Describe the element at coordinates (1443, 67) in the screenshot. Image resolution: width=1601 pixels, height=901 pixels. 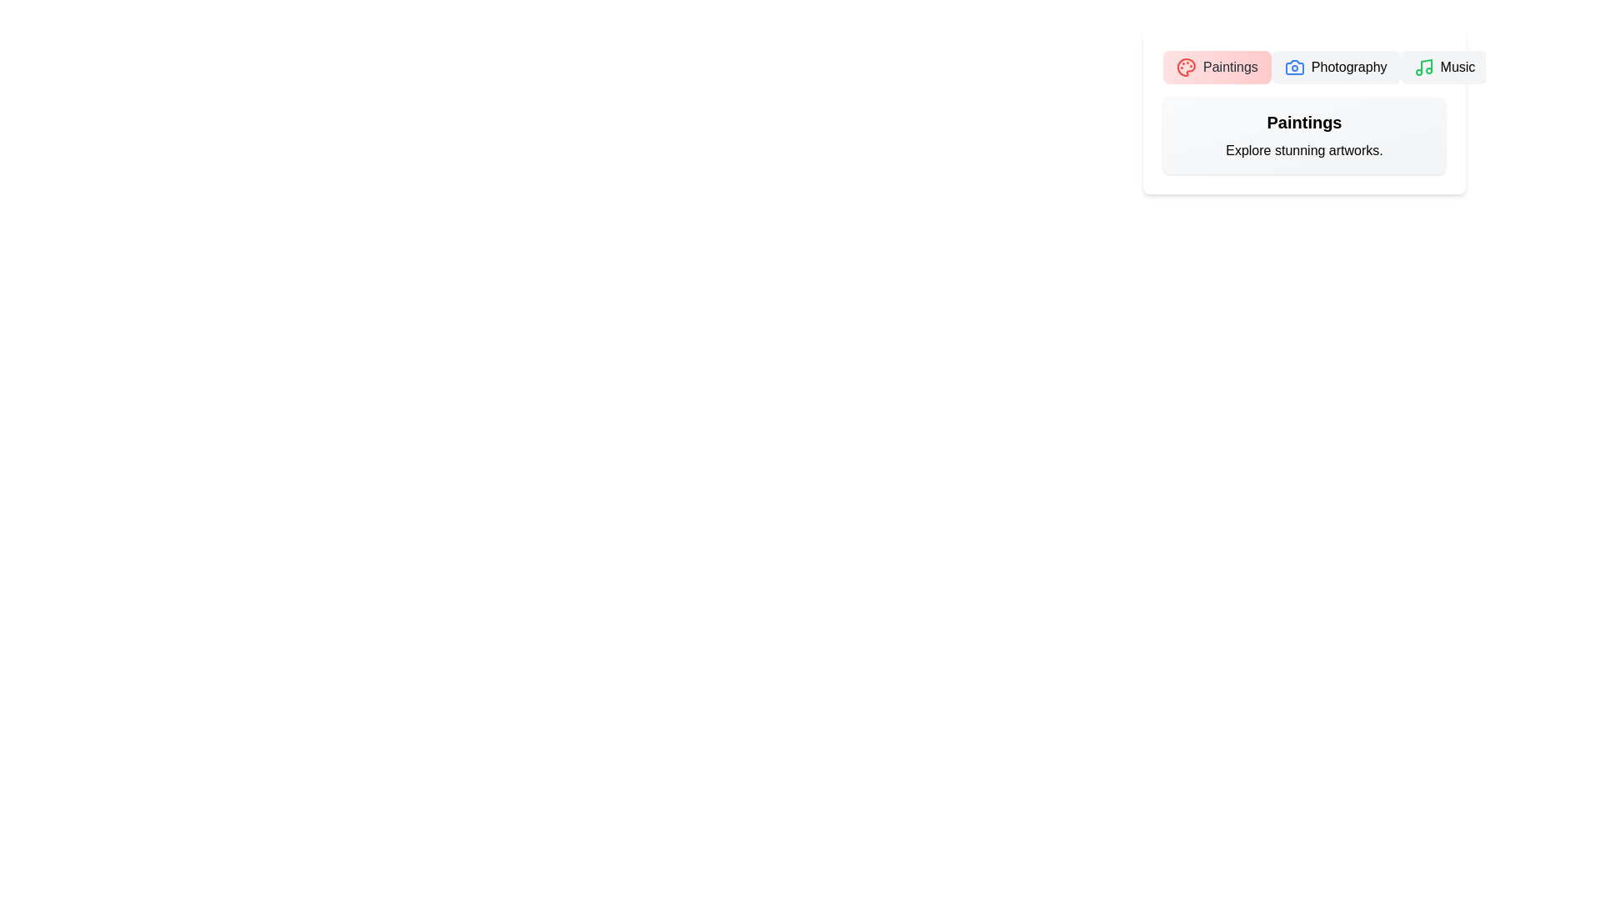
I see `the tab labeled Music to view its content` at that location.